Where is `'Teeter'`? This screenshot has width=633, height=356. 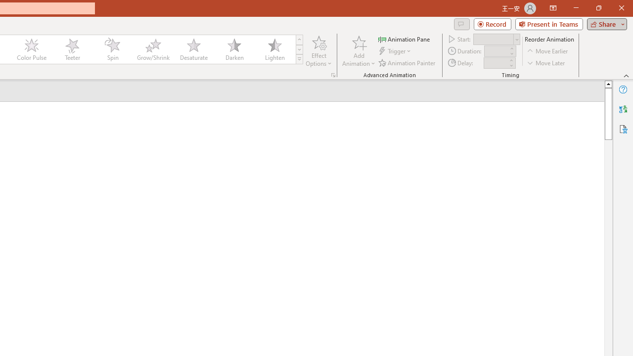
'Teeter' is located at coordinates (71, 49).